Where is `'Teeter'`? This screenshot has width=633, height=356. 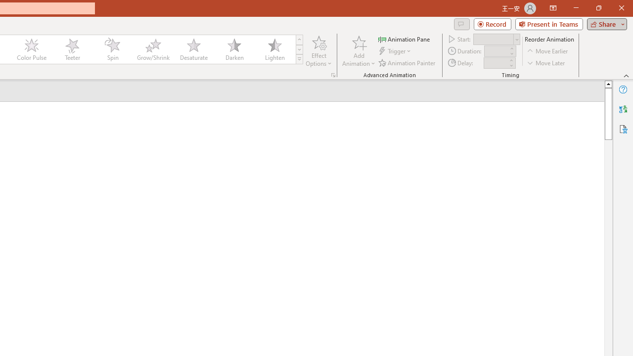
'Teeter' is located at coordinates (71, 49).